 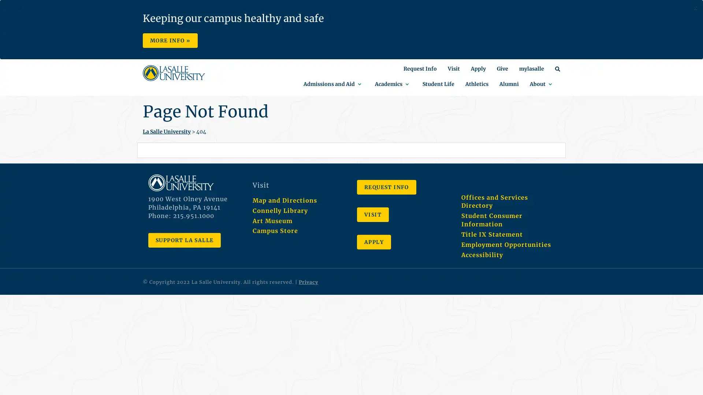 I want to click on Search Submit, so click(x=351, y=41).